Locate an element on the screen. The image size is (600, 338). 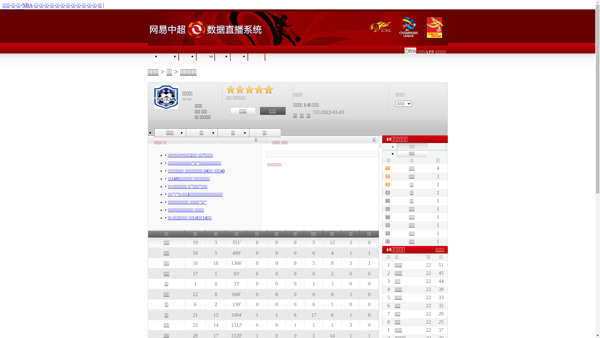
'NBA' is located at coordinates (27, 5).